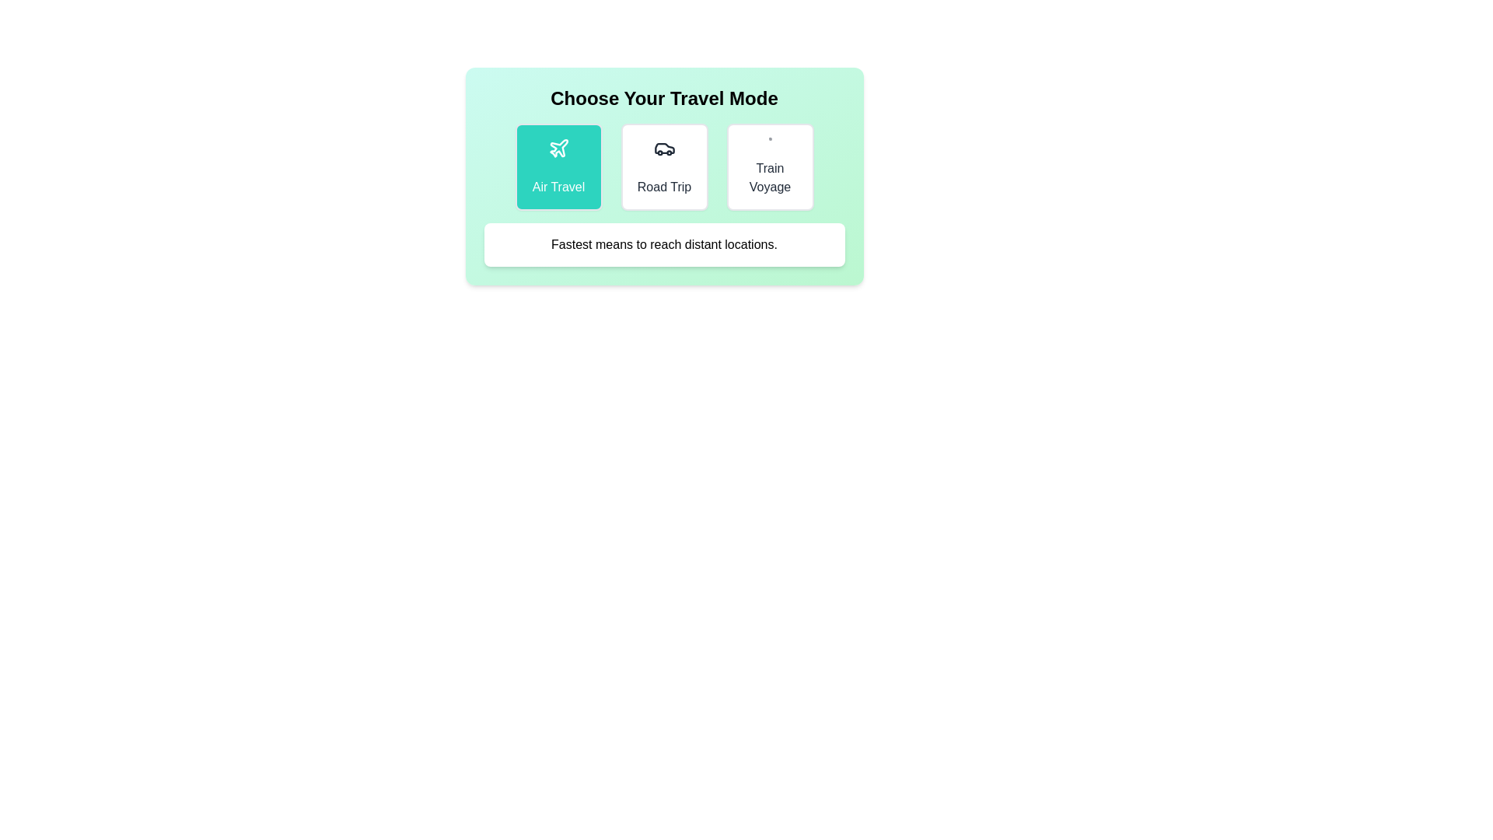 Image resolution: width=1493 pixels, height=840 pixels. What do you see at coordinates (664, 167) in the screenshot?
I see `the travel mode Road Trip to observe the visual styling changes` at bounding box center [664, 167].